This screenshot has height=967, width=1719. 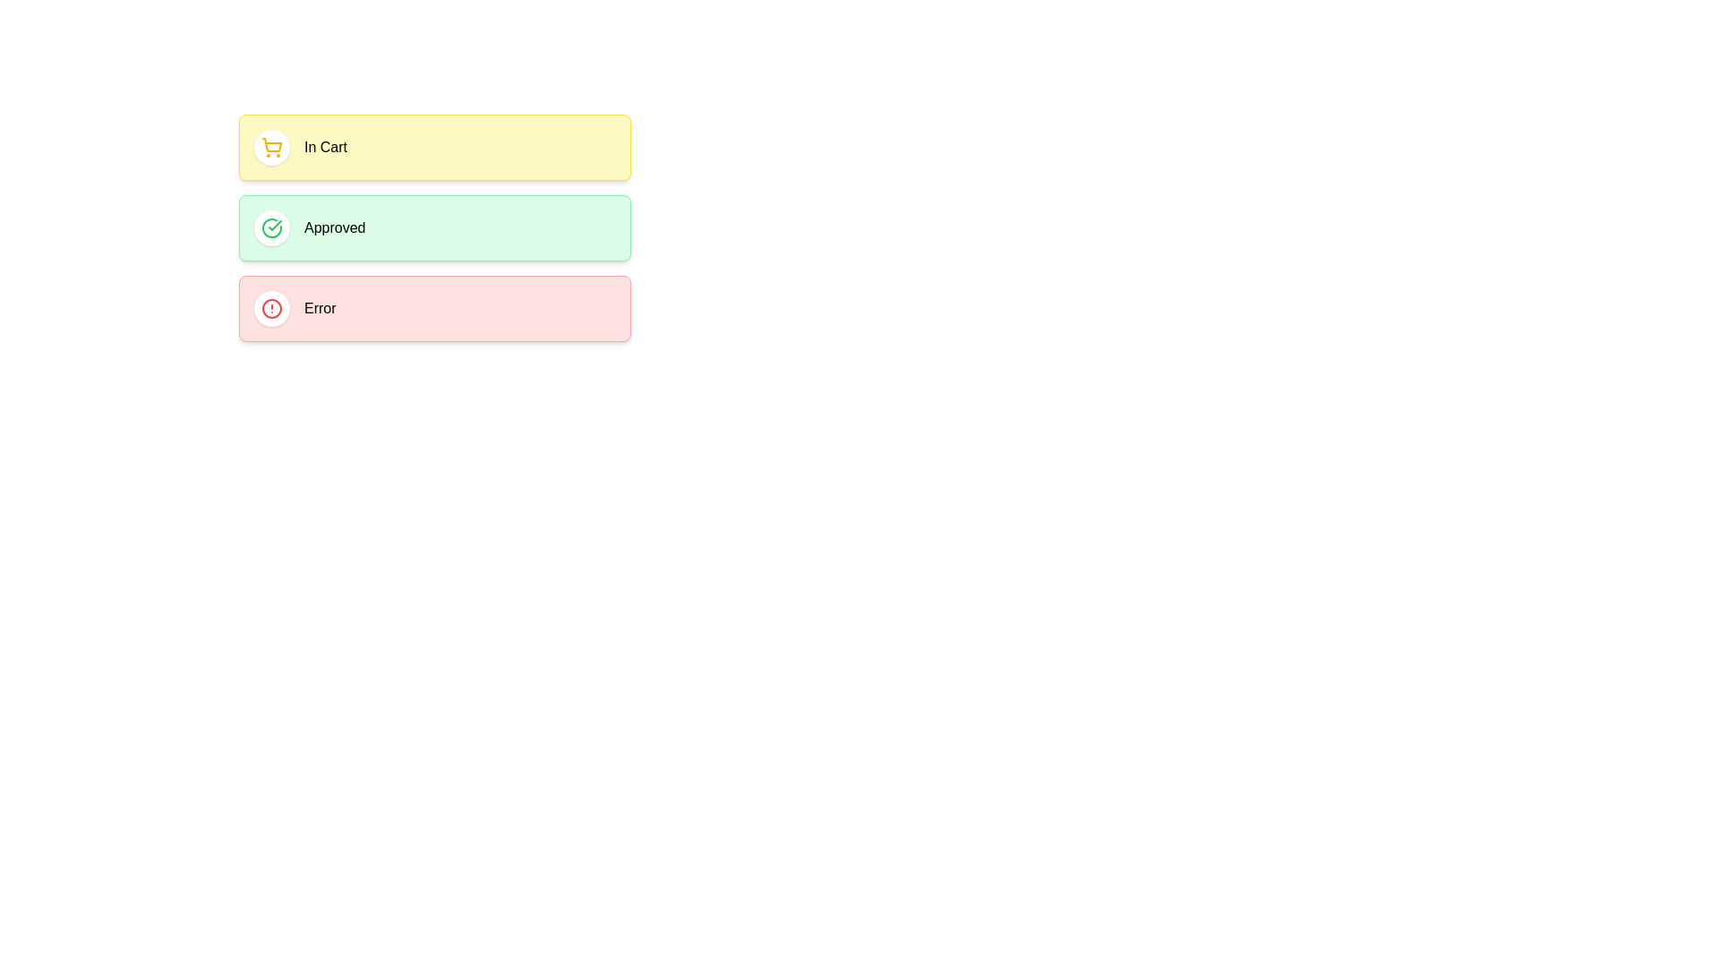 I want to click on the 'In Cart' status icon, which is visually represented within a yellow rectangular background with rounded corners, located at the top of the 'In Cart' section in a vertical stack of three sections, so click(x=270, y=147).